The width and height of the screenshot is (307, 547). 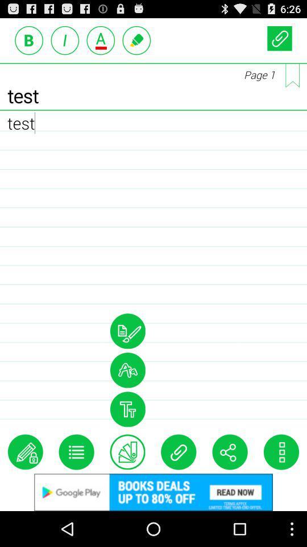 What do you see at coordinates (127, 409) in the screenshot?
I see `set the size of font` at bounding box center [127, 409].